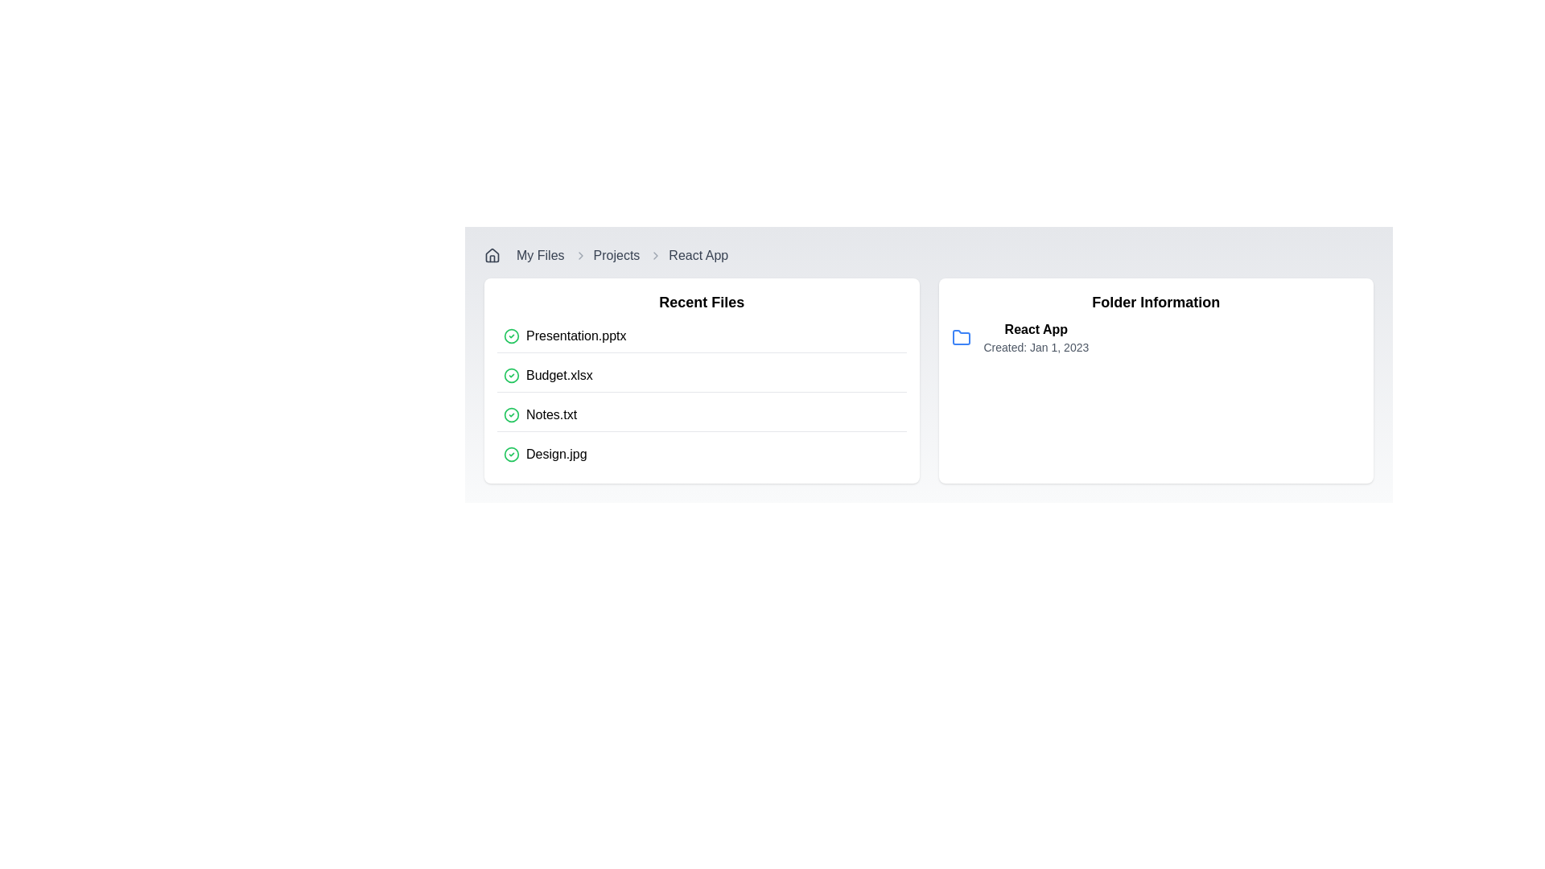 The image size is (1545, 869). Describe the element at coordinates (537, 254) in the screenshot. I see `the 'My Files' hyperlink text in the breadcrumb navigation bar` at that location.